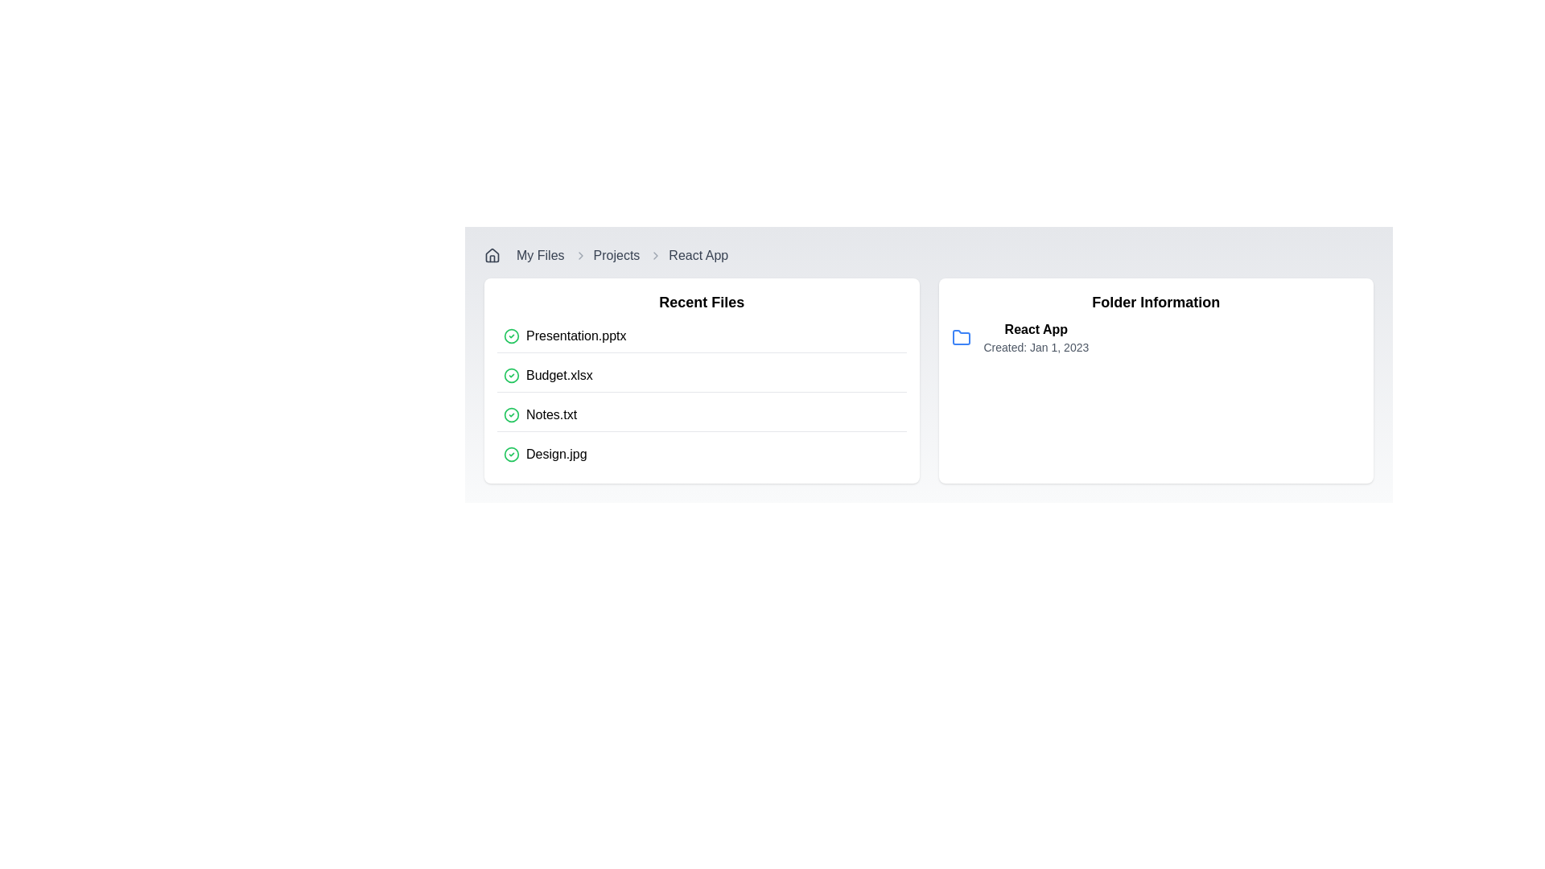 The image size is (1545, 869). Describe the element at coordinates (537, 254) in the screenshot. I see `the 'My Files' hyperlink text in the breadcrumb navigation bar` at that location.